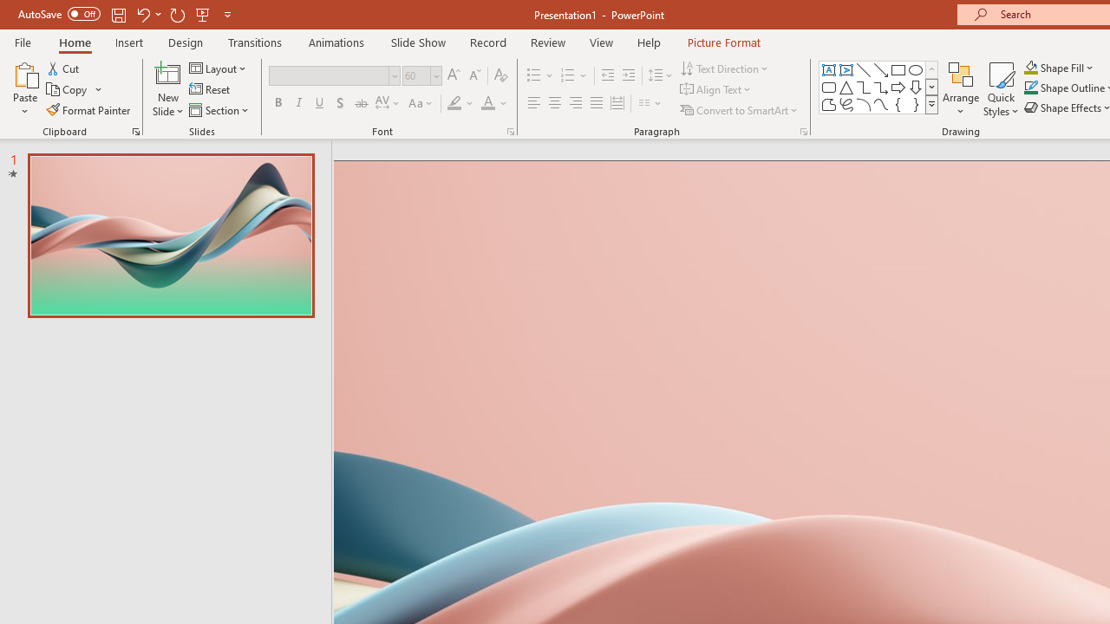  I want to click on 'Arrow: Down', so click(915, 87).